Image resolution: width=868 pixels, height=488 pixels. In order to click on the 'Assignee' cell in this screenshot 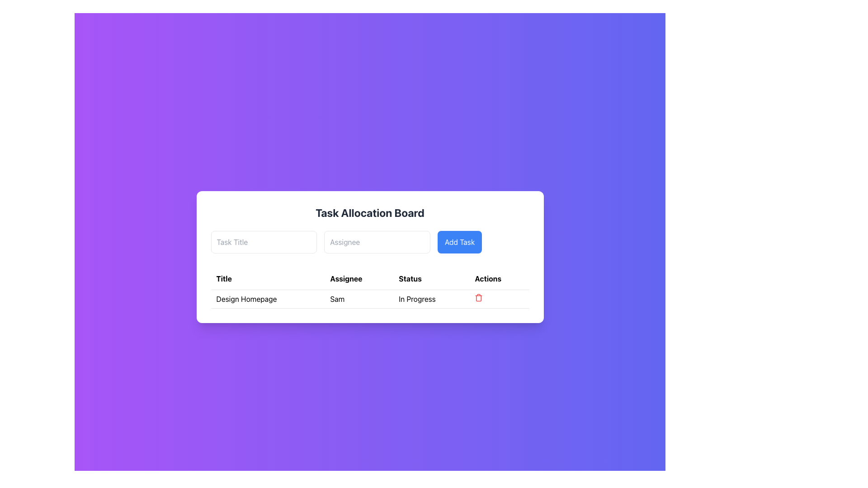, I will do `click(370, 288)`.